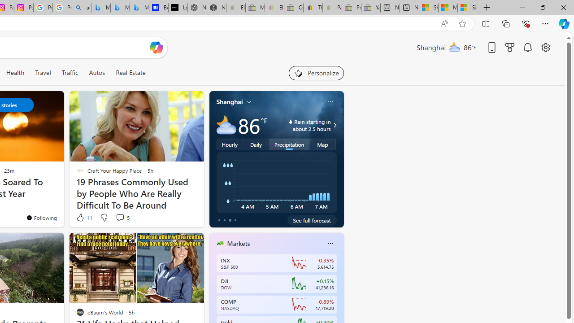 The height and width of the screenshot is (323, 574). Describe the element at coordinates (219, 220) in the screenshot. I see `'tab-0'` at that location.